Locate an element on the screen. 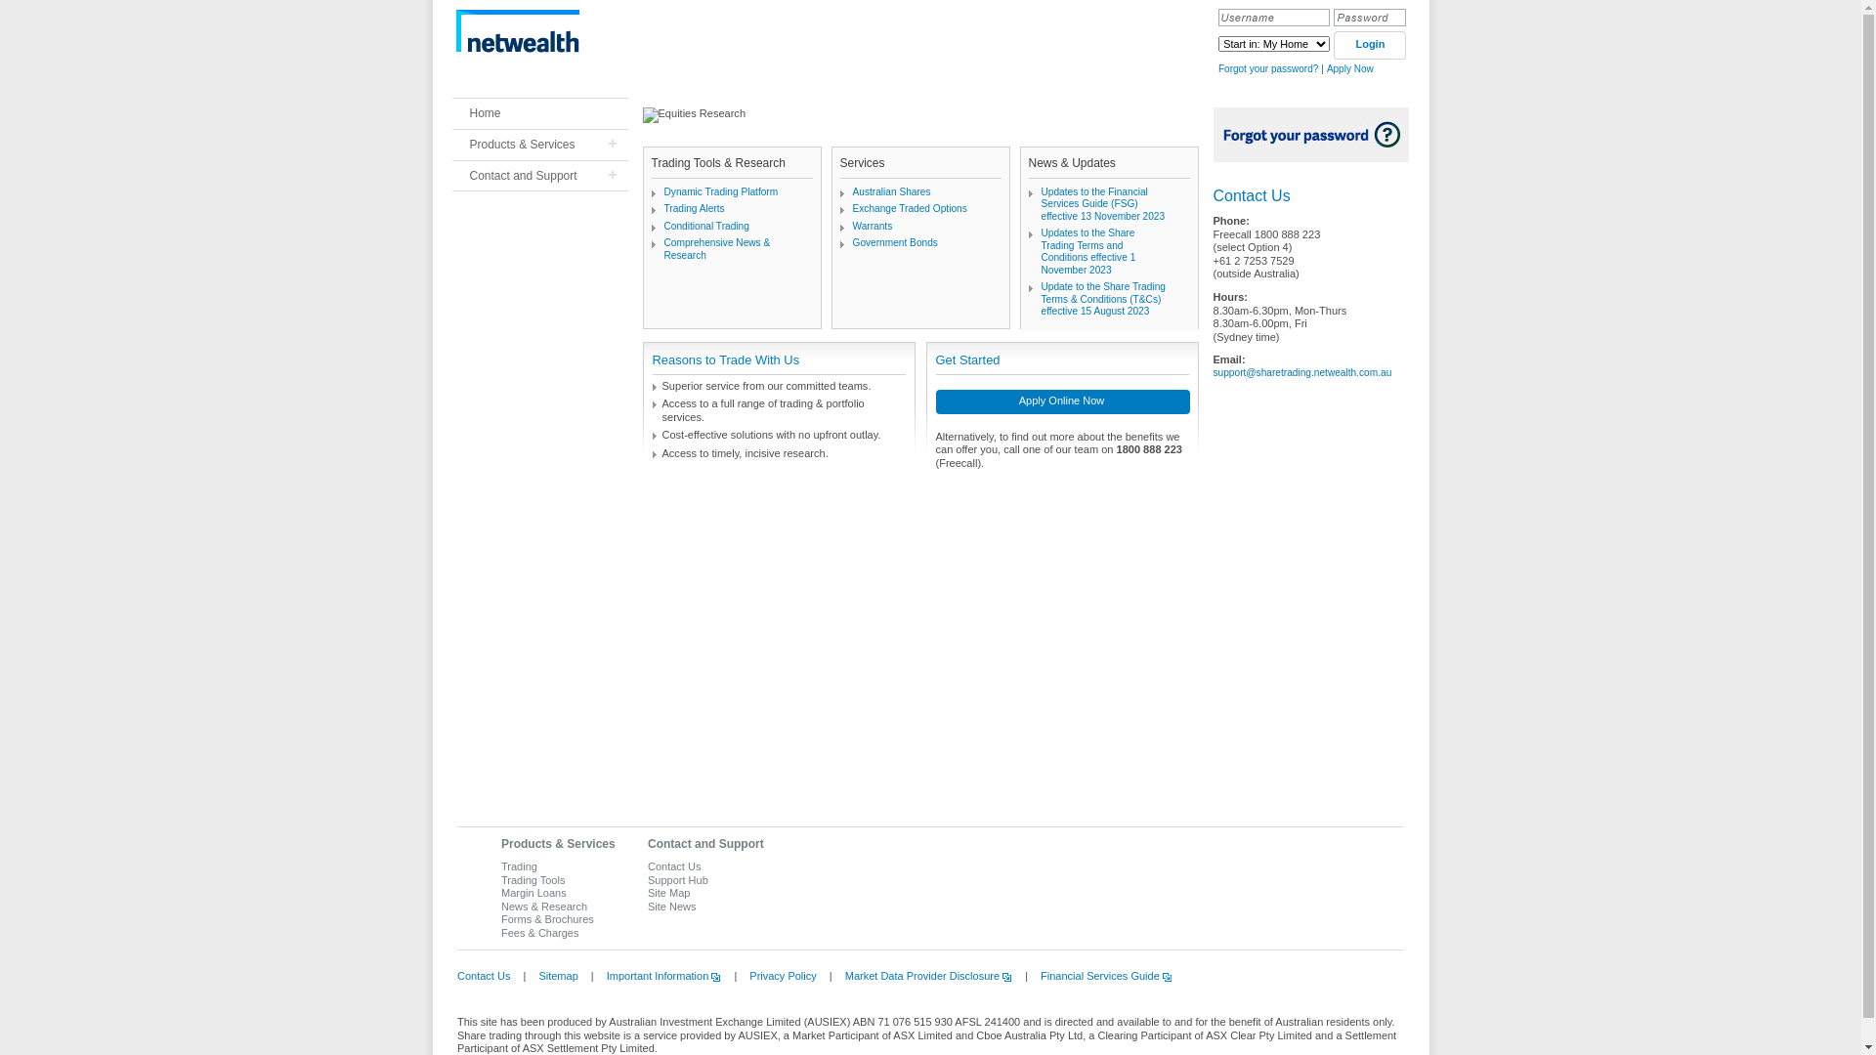 Image resolution: width=1876 pixels, height=1055 pixels. 'support@sharetrading.netwealth.com.au' is located at coordinates (1213, 372).